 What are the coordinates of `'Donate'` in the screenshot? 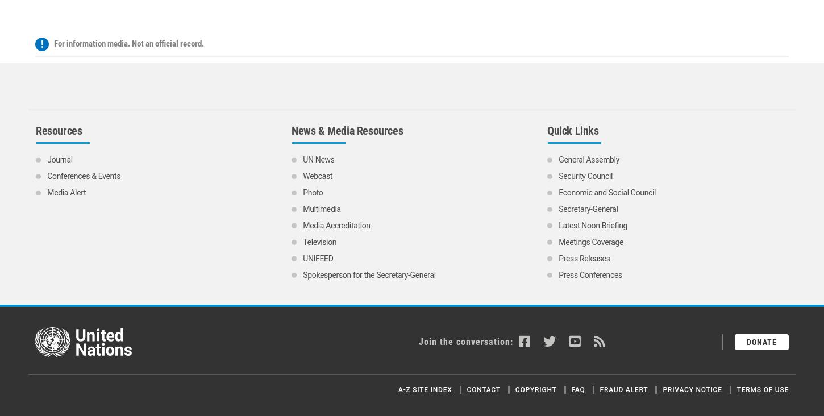 It's located at (761, 233).